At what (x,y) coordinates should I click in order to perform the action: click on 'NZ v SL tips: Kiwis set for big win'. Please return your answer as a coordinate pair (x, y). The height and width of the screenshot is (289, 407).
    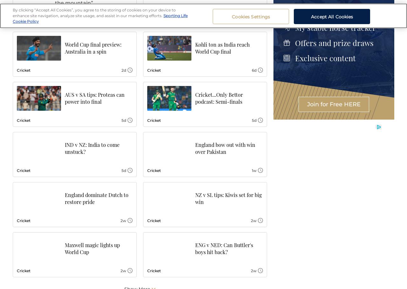
    Looking at the image, I should click on (228, 198).